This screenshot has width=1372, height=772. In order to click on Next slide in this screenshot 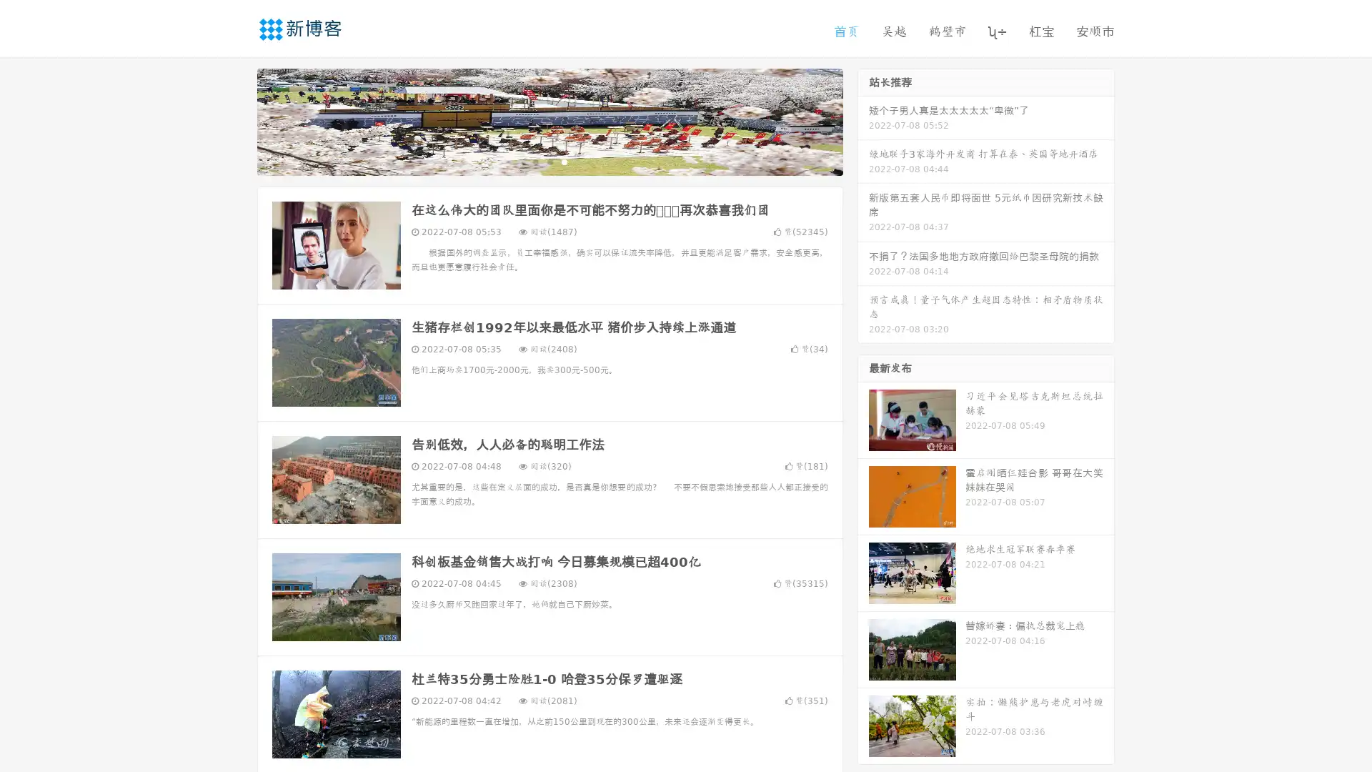, I will do `click(863, 120)`.